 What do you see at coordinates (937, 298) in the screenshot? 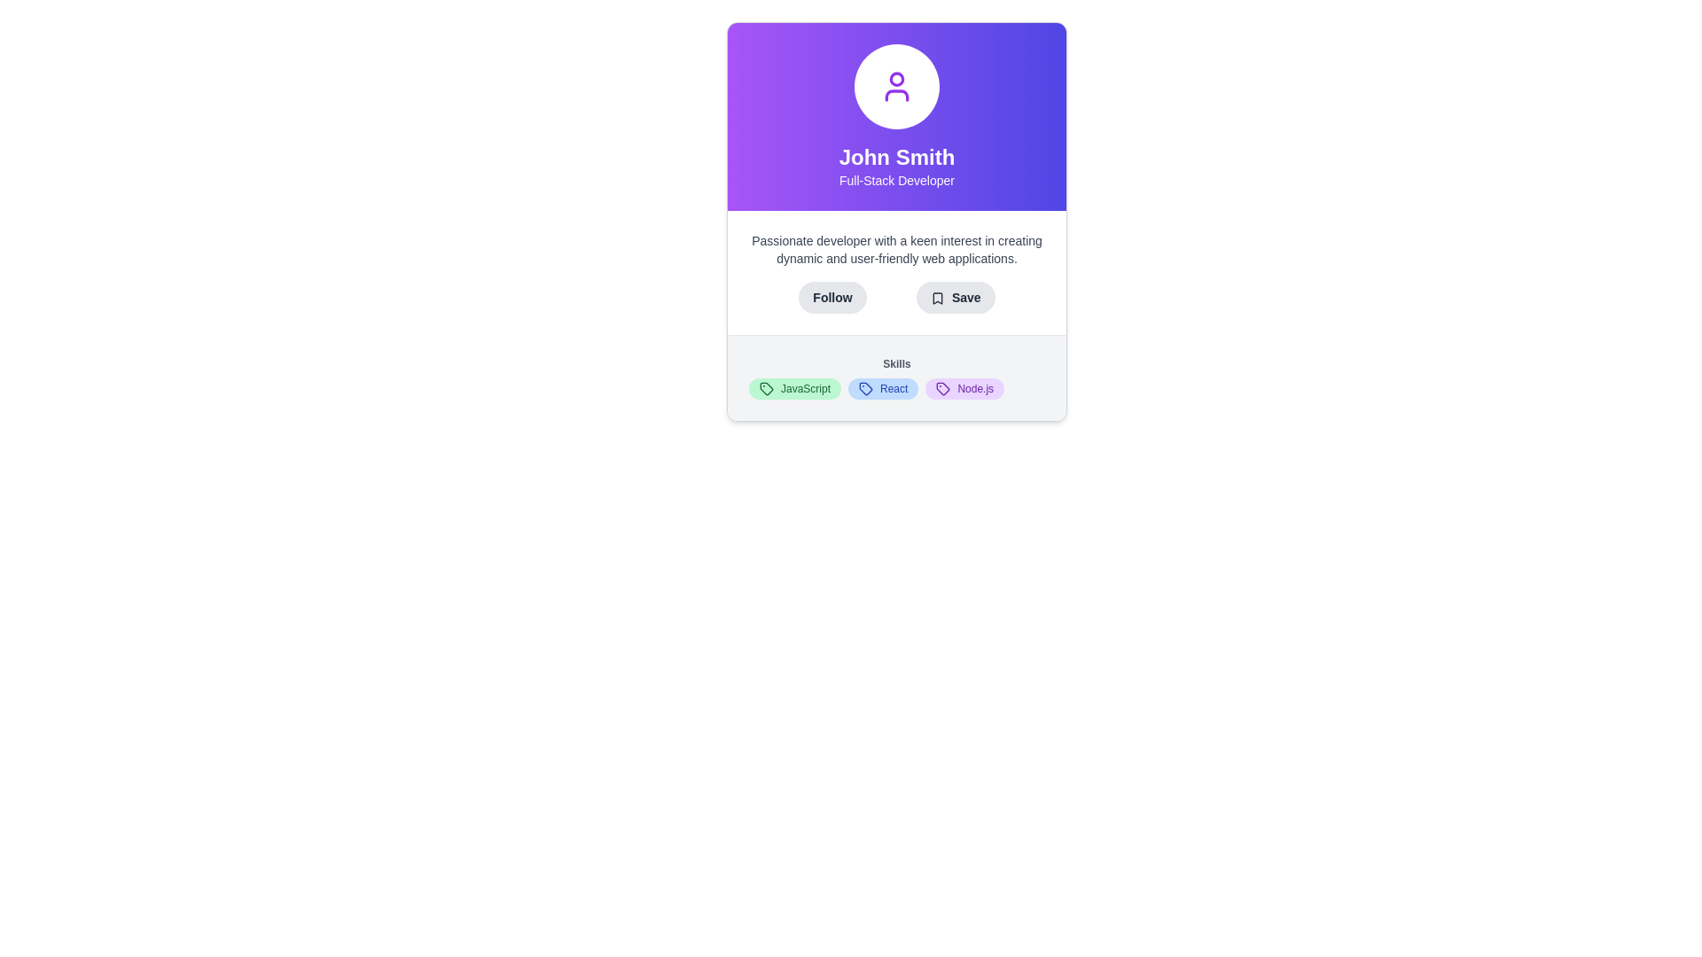
I see `the bookmark icon, which is an SVG graphic styled with a 'V' shape at the top of a hollow rectangular shape, located next to the 'Save' button in the user profile card` at bounding box center [937, 298].